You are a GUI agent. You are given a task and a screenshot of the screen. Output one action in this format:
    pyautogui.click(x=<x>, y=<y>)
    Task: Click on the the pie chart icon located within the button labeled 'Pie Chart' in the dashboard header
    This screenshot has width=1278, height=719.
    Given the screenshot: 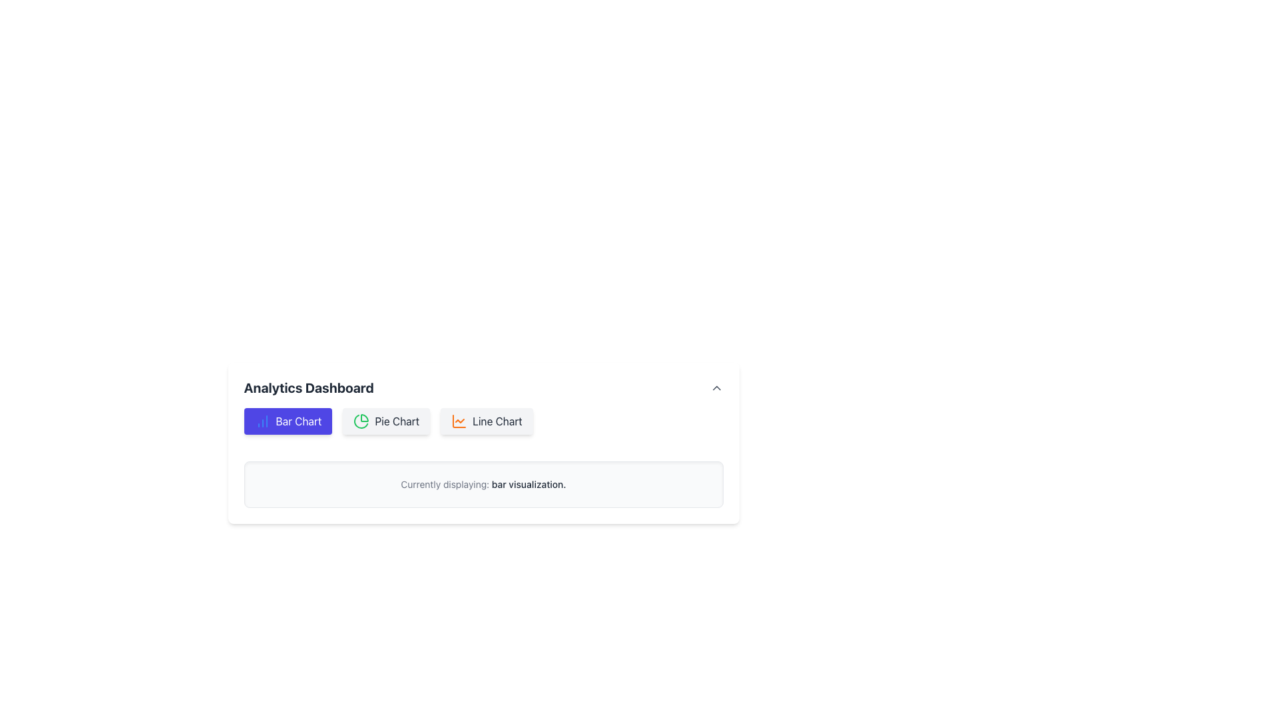 What is the action you would take?
    pyautogui.click(x=361, y=421)
    